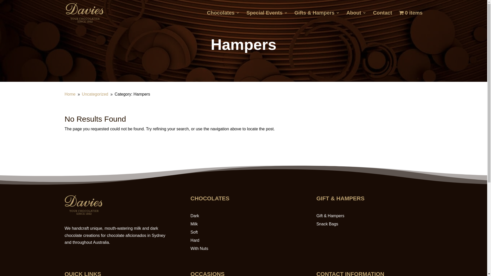  I want to click on 'With Nuts', so click(199, 248).